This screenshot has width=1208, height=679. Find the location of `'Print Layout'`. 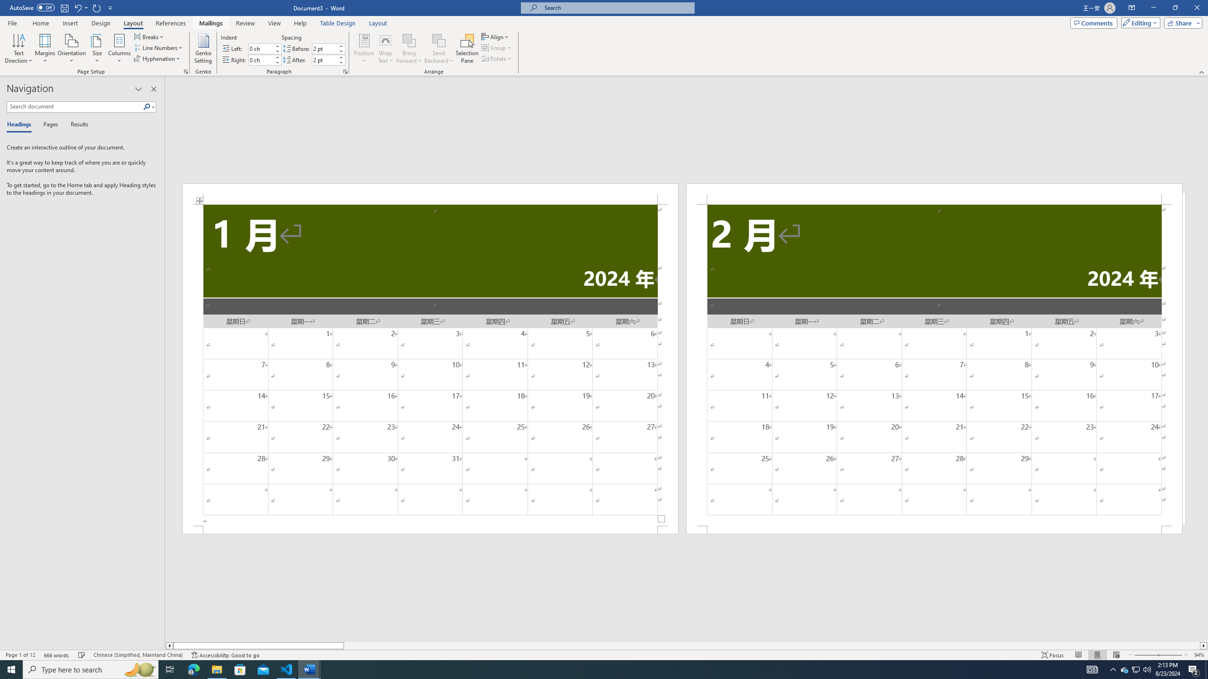

'Print Layout' is located at coordinates (1097, 655).